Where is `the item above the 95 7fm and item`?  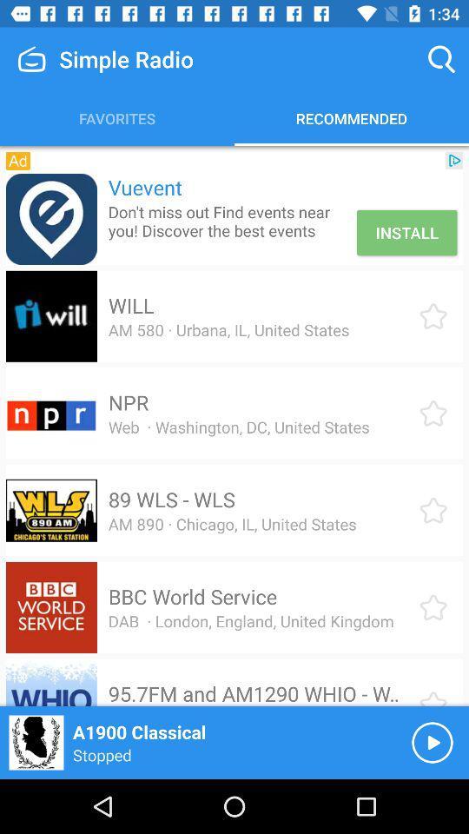 the item above the 95 7fm and item is located at coordinates (250, 621).